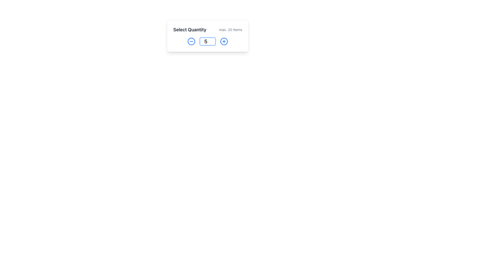  What do you see at coordinates (224, 41) in the screenshot?
I see `the circular button with a blue outline and centered plus sign located at the top center of the interface` at bounding box center [224, 41].